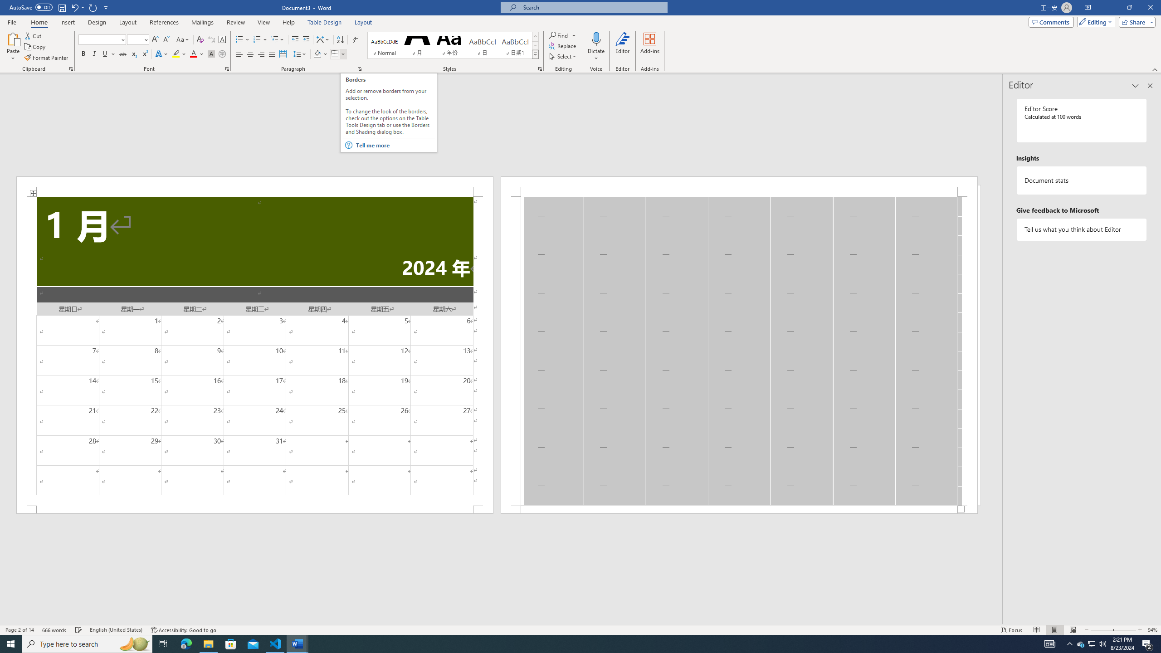 The height and width of the screenshot is (653, 1161). Describe the element at coordinates (33, 35) in the screenshot. I see `'Cut'` at that location.